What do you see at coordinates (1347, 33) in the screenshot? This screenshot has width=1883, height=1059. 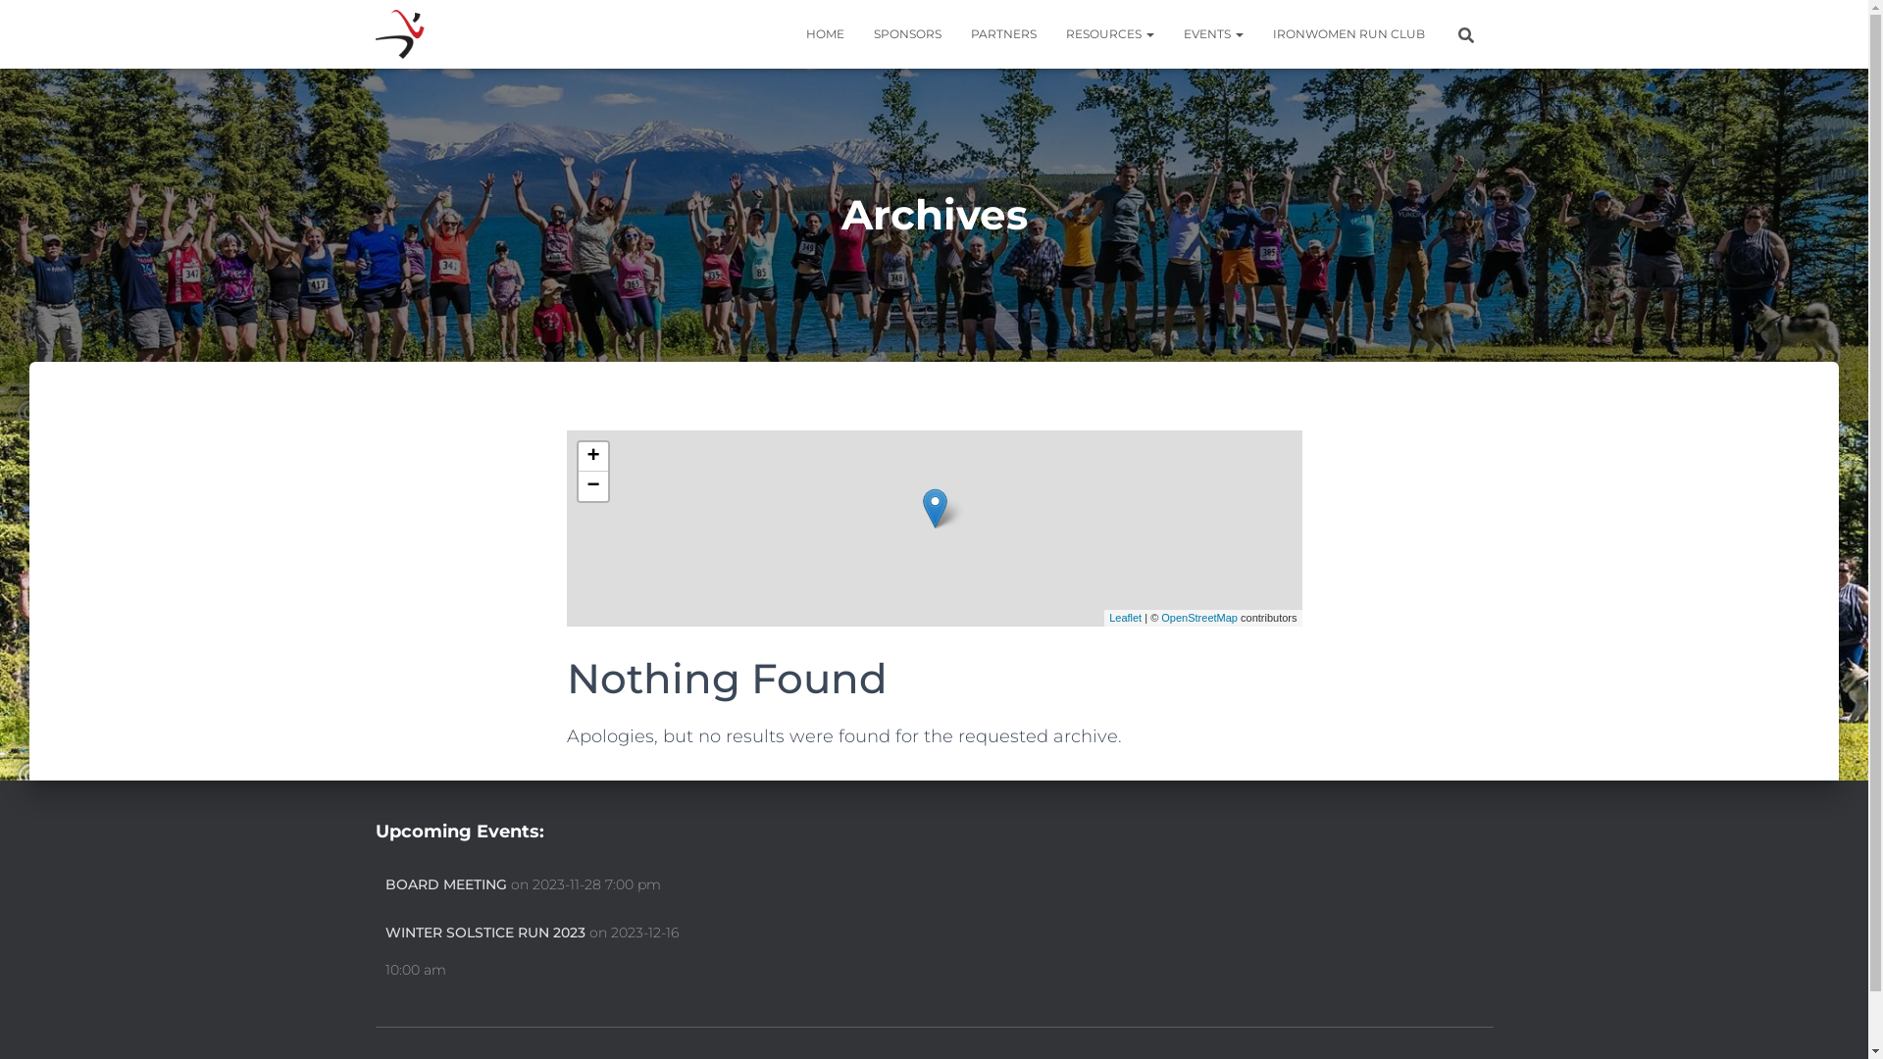 I see `'IRONWOMEN RUN CLUB'` at bounding box center [1347, 33].